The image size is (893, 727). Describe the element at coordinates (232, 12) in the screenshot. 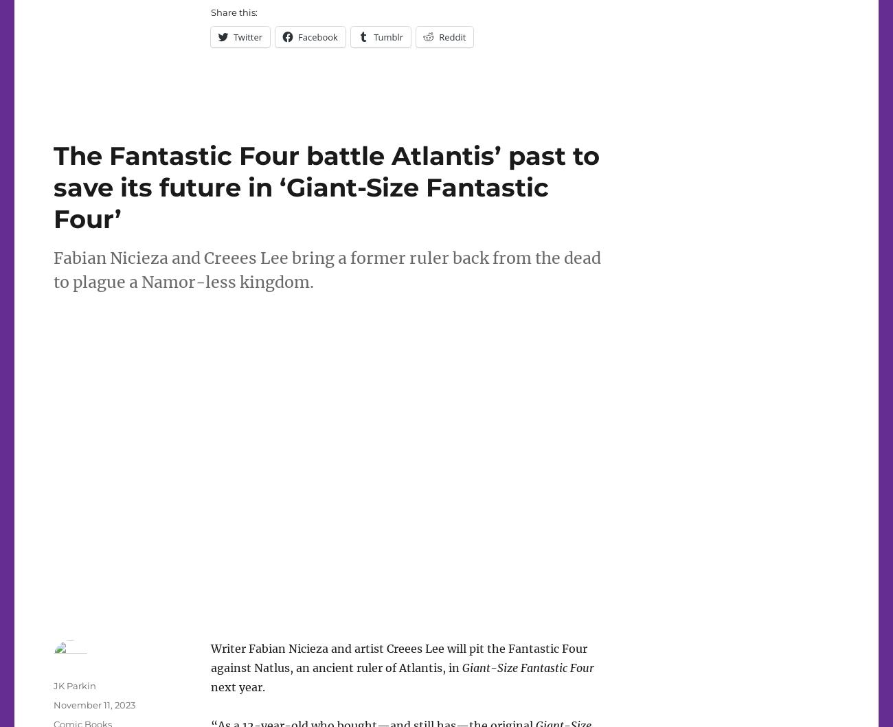

I see `'Share this:'` at that location.